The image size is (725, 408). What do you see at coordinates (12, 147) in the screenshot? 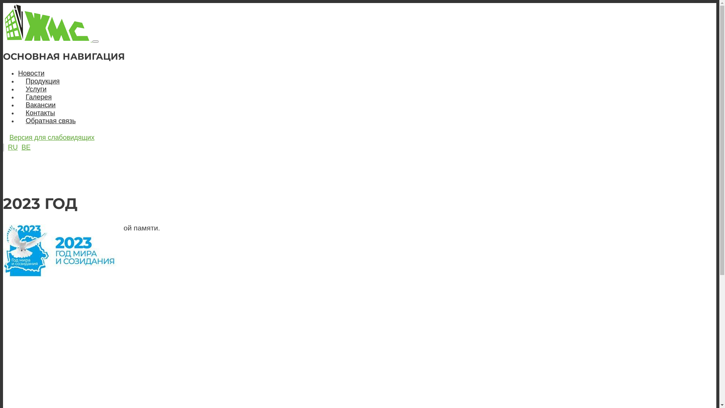
I see `'RU'` at bounding box center [12, 147].